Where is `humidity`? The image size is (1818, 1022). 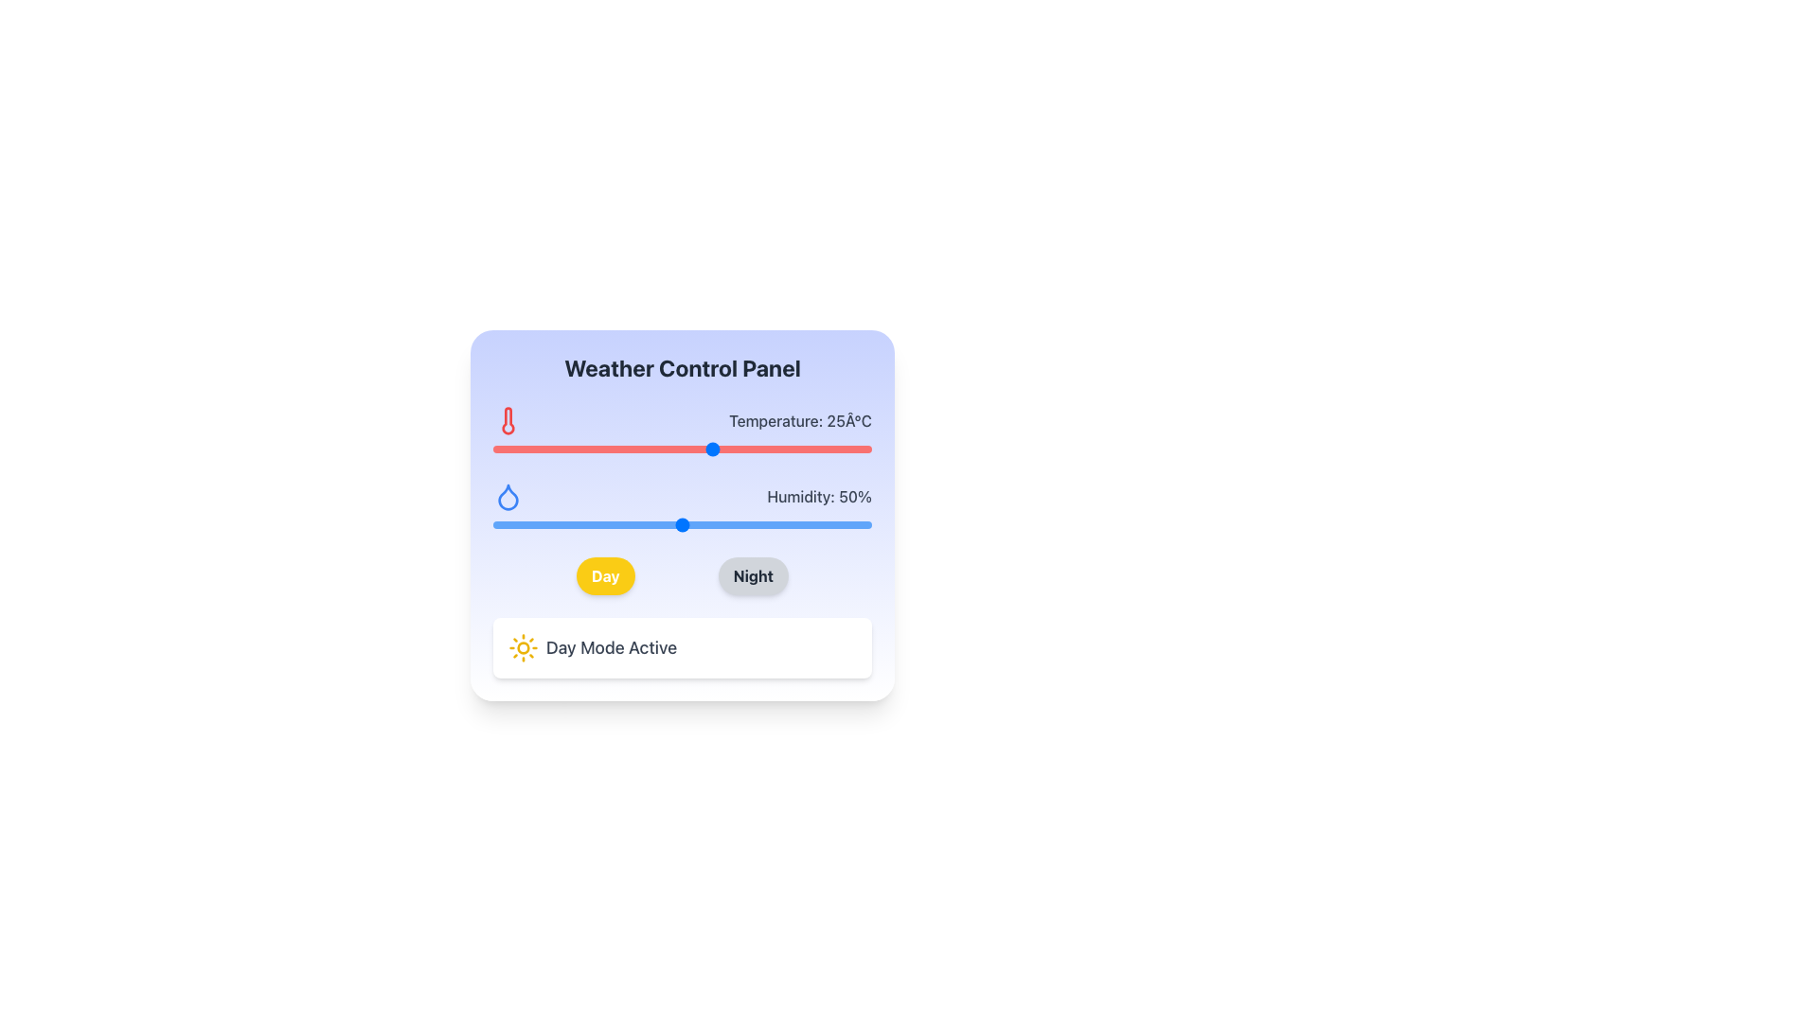 humidity is located at coordinates (561, 525).